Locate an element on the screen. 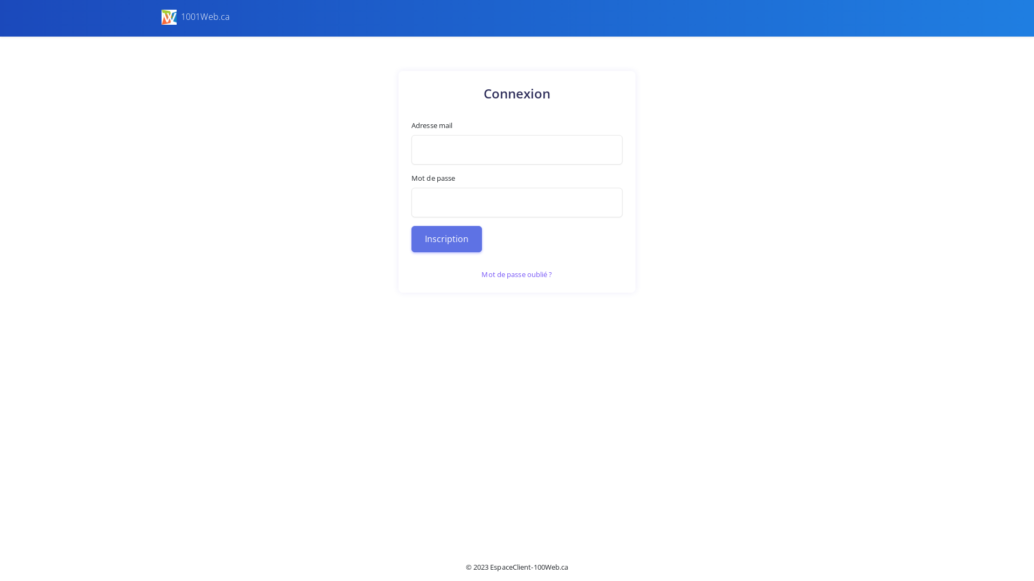  'Inscription' is located at coordinates (410, 238).